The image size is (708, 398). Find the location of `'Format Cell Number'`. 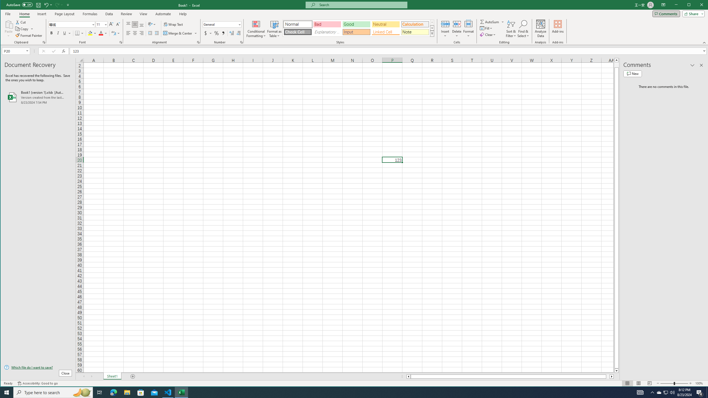

'Format Cell Number' is located at coordinates (241, 42).